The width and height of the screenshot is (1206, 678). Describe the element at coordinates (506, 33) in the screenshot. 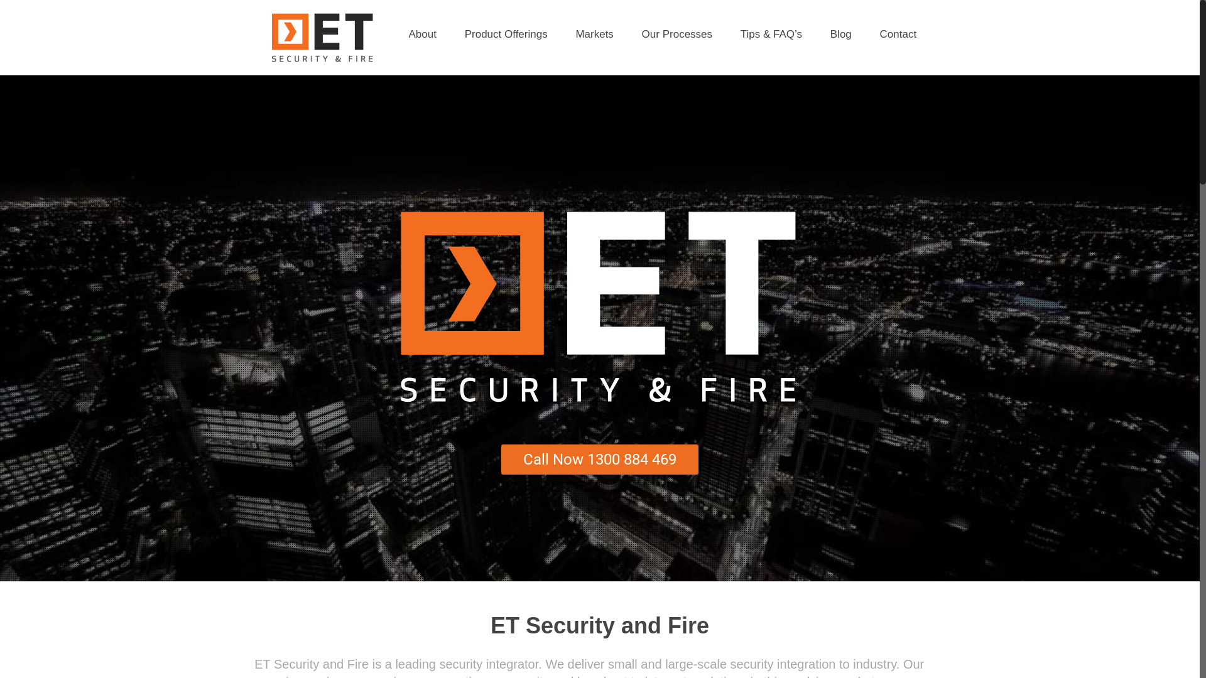

I see `'Product Offerings'` at that location.